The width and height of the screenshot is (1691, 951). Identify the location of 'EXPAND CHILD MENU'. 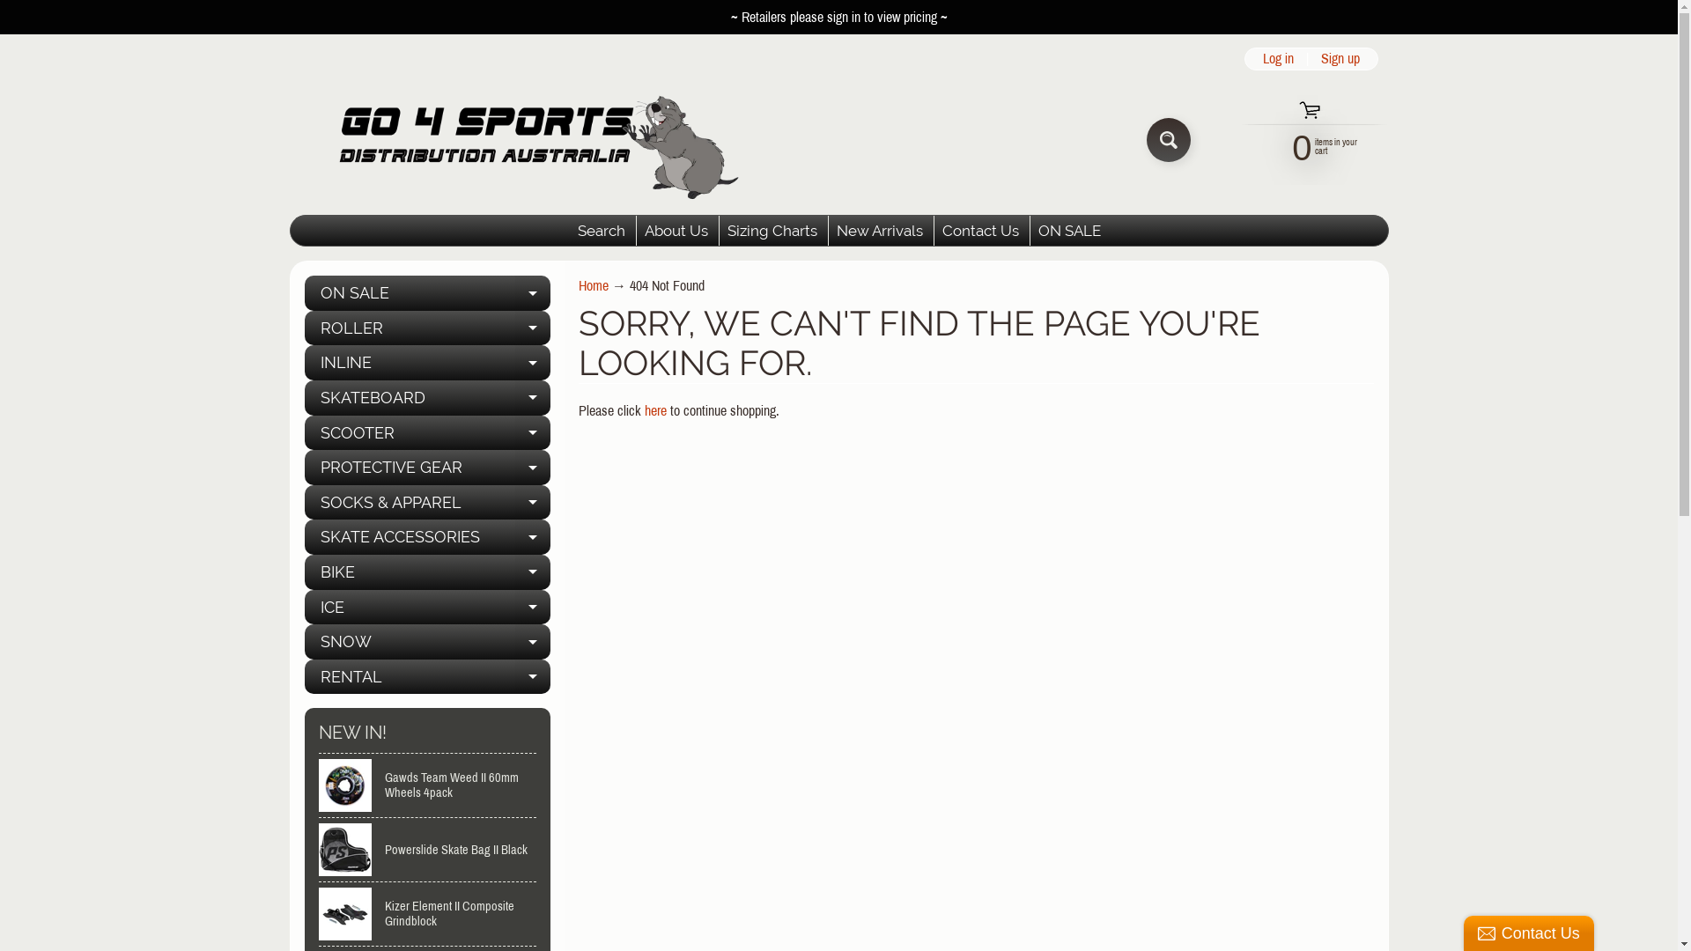
(531, 642).